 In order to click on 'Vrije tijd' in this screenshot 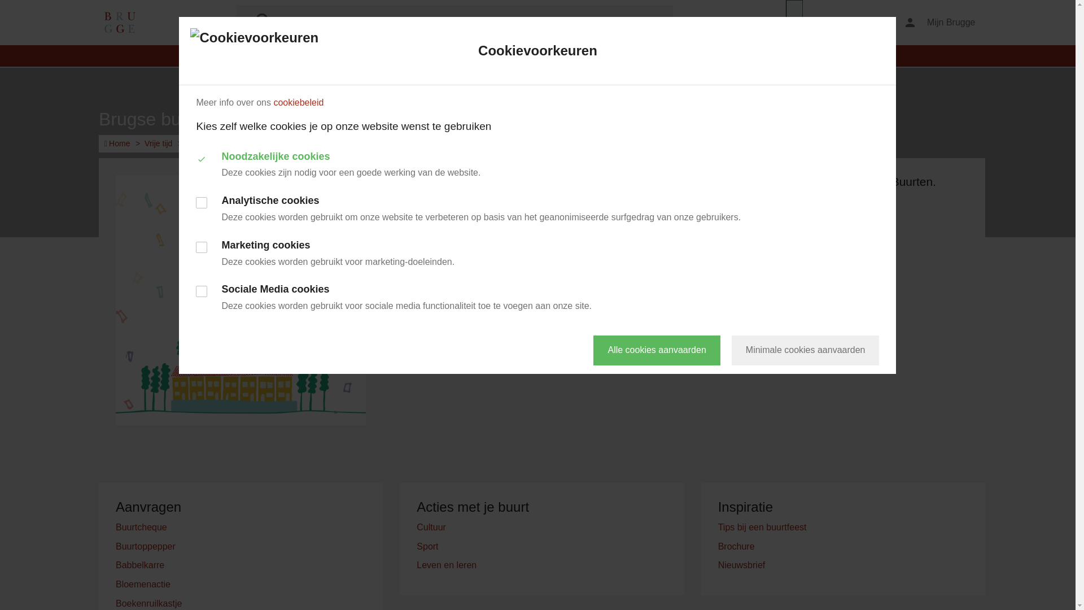, I will do `click(158, 143)`.